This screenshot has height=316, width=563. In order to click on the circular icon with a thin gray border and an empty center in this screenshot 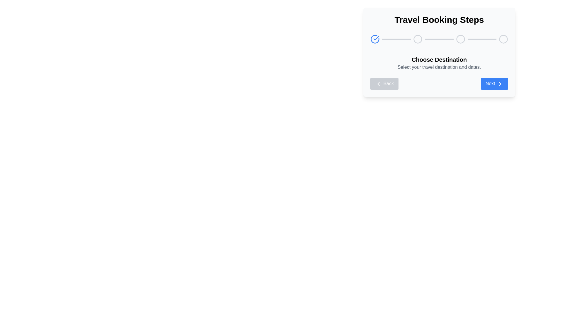, I will do `click(460, 39)`.